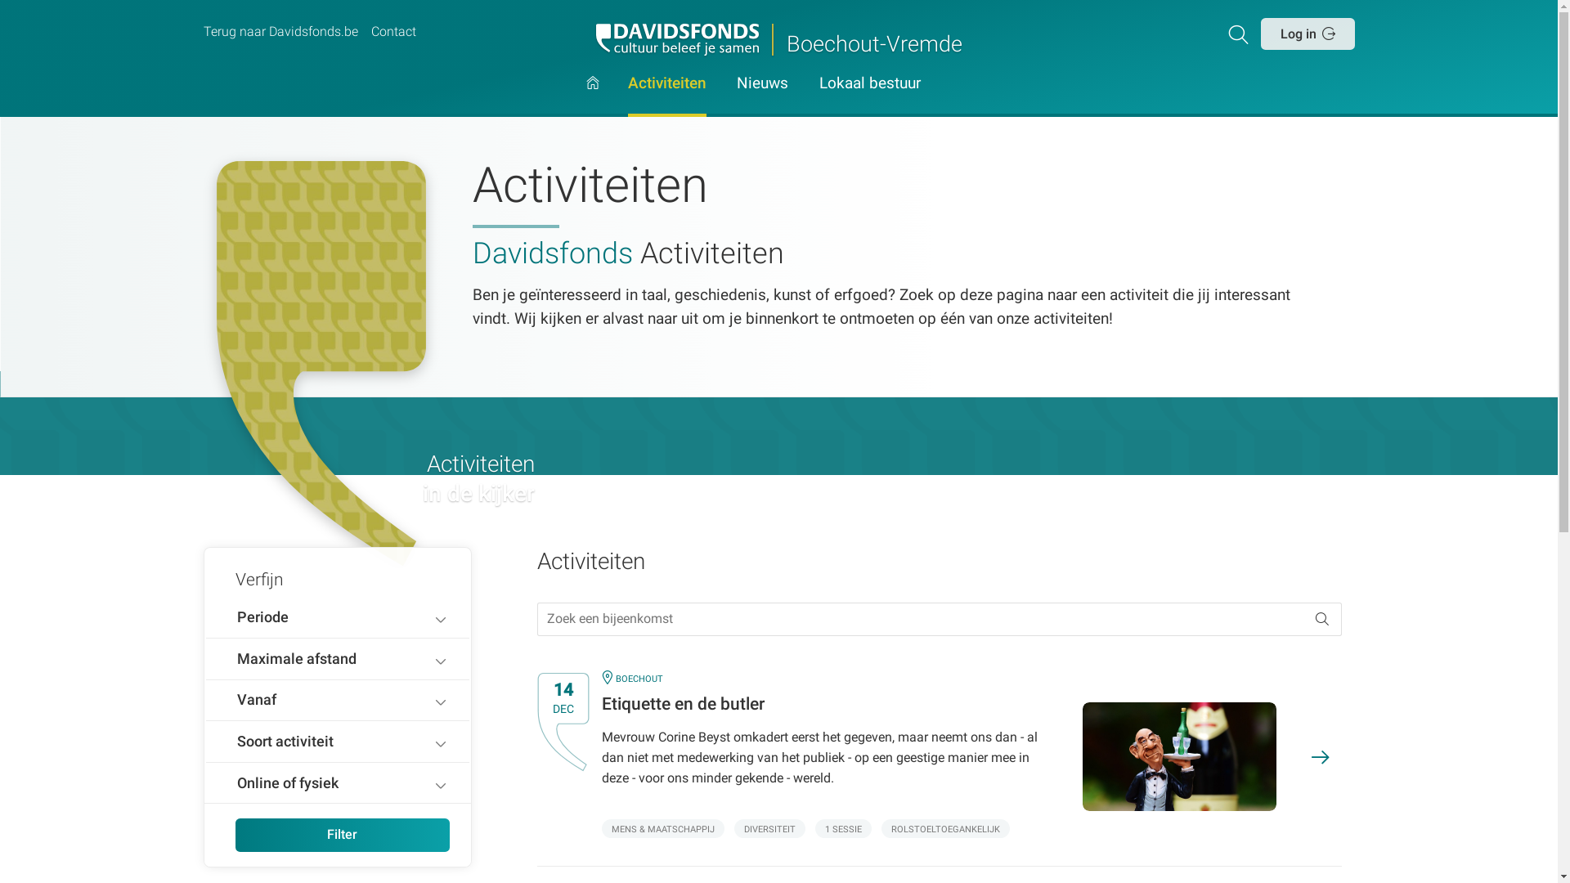 The width and height of the screenshot is (1570, 883). Describe the element at coordinates (615, 679) in the screenshot. I see `'BOECHOUT'` at that location.